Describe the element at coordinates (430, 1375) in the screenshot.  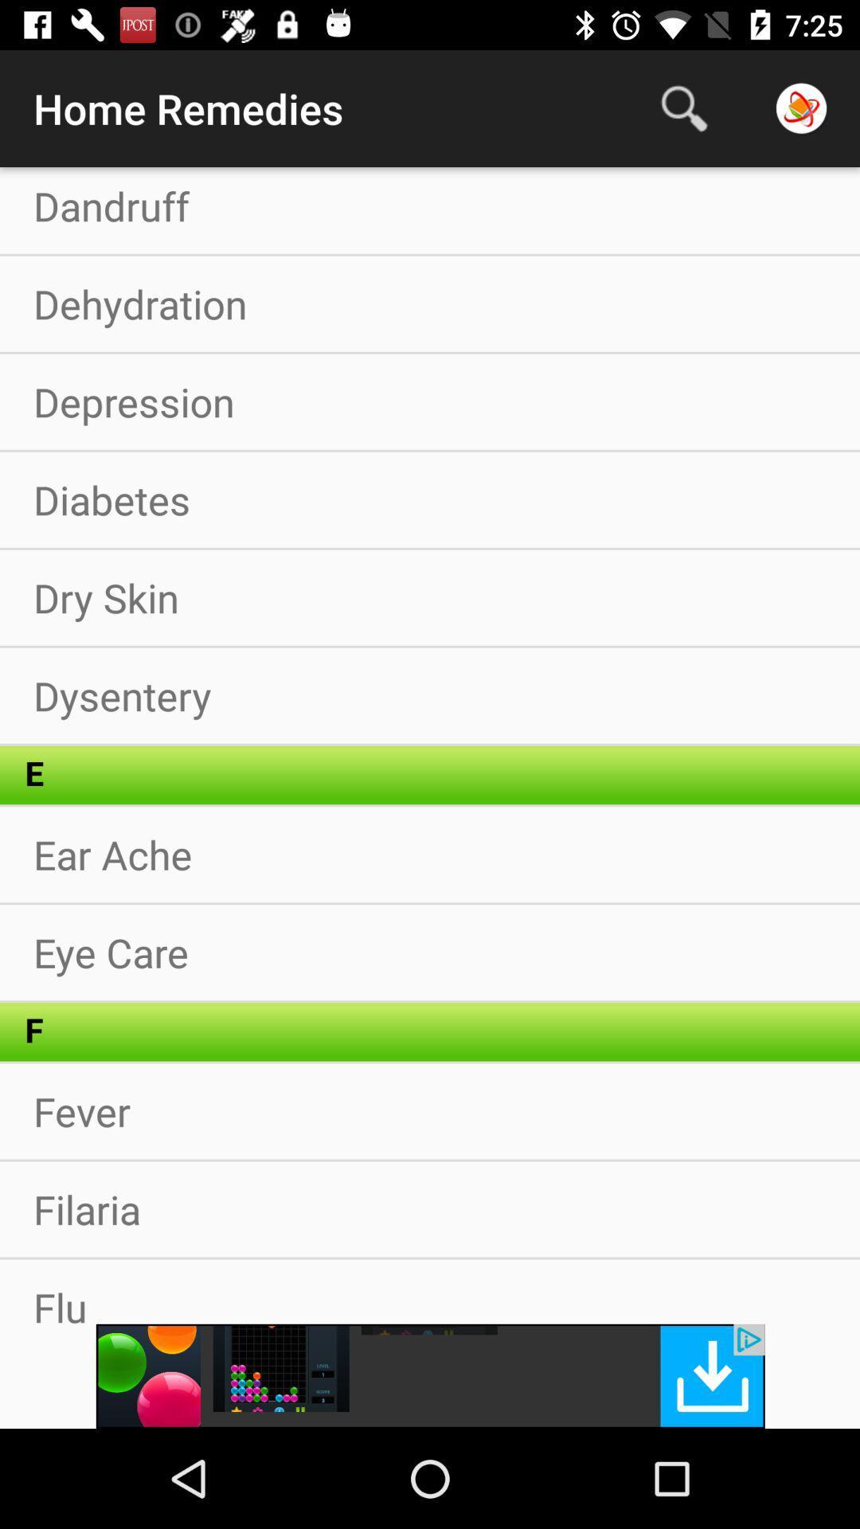
I see `advertising area` at that location.